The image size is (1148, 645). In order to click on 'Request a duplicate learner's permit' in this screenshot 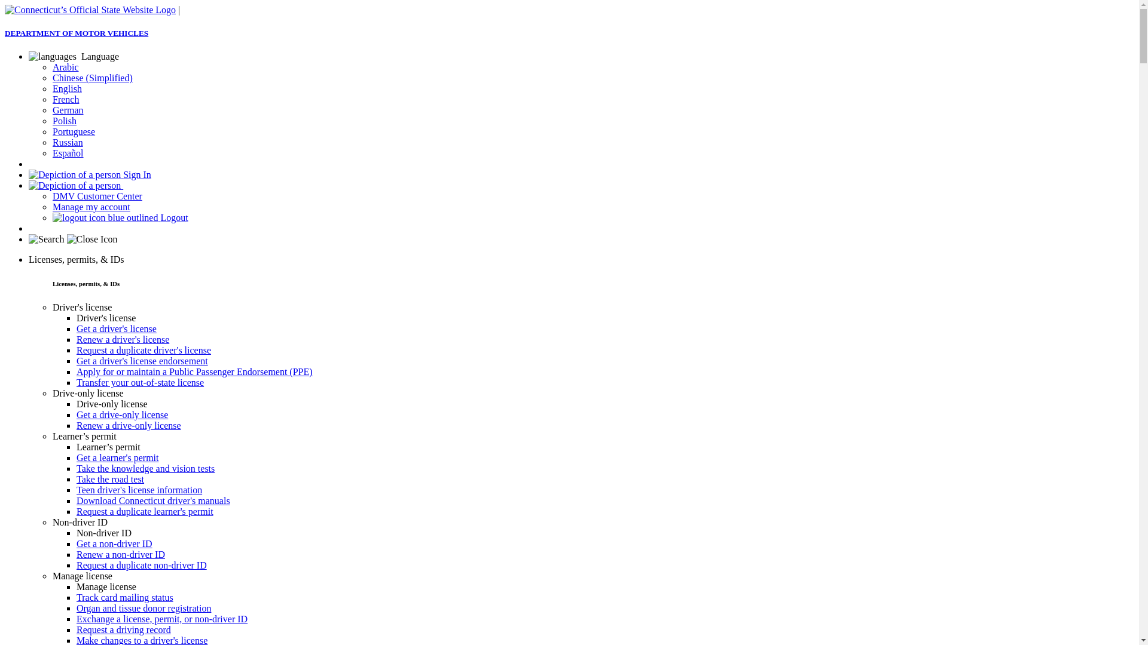, I will do `click(76, 511)`.